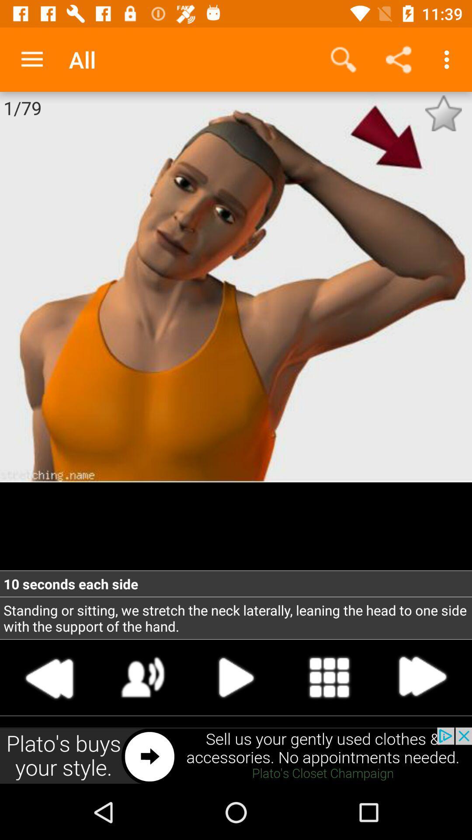 The width and height of the screenshot is (472, 840). Describe the element at coordinates (236, 677) in the screenshot. I see `play button` at that location.